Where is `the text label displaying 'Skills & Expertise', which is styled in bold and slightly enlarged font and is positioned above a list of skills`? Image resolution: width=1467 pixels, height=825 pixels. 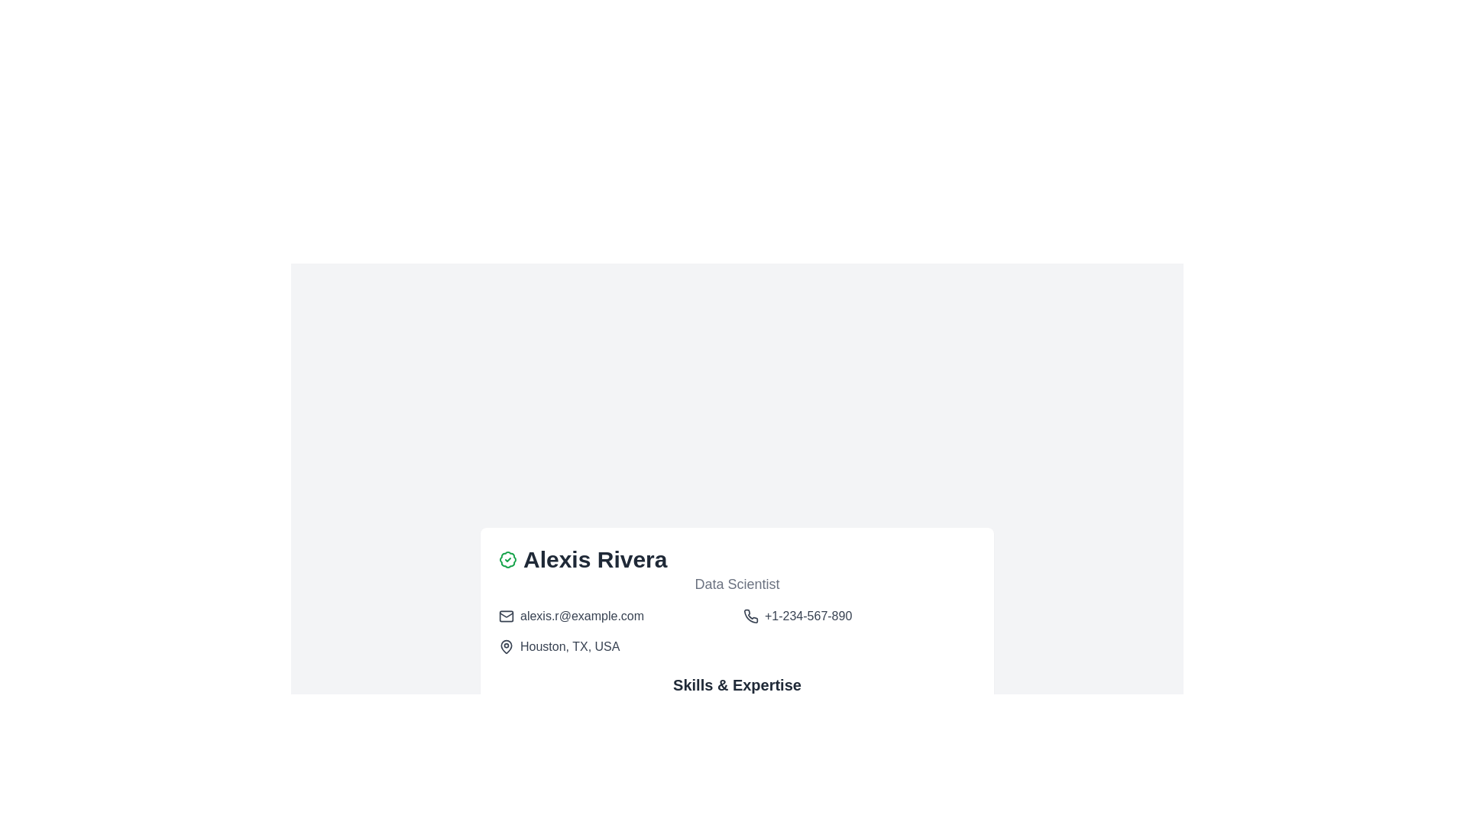
the text label displaying 'Skills & Expertise', which is styled in bold and slightly enlarged font and is positioned above a list of skills is located at coordinates (737, 684).